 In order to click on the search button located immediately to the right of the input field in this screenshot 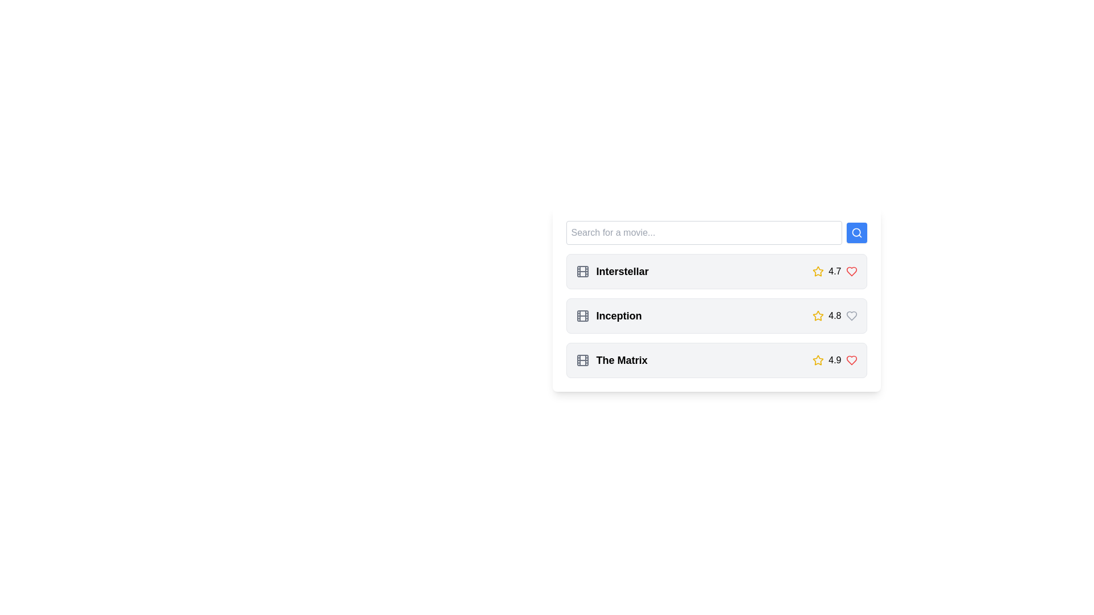, I will do `click(856, 232)`.